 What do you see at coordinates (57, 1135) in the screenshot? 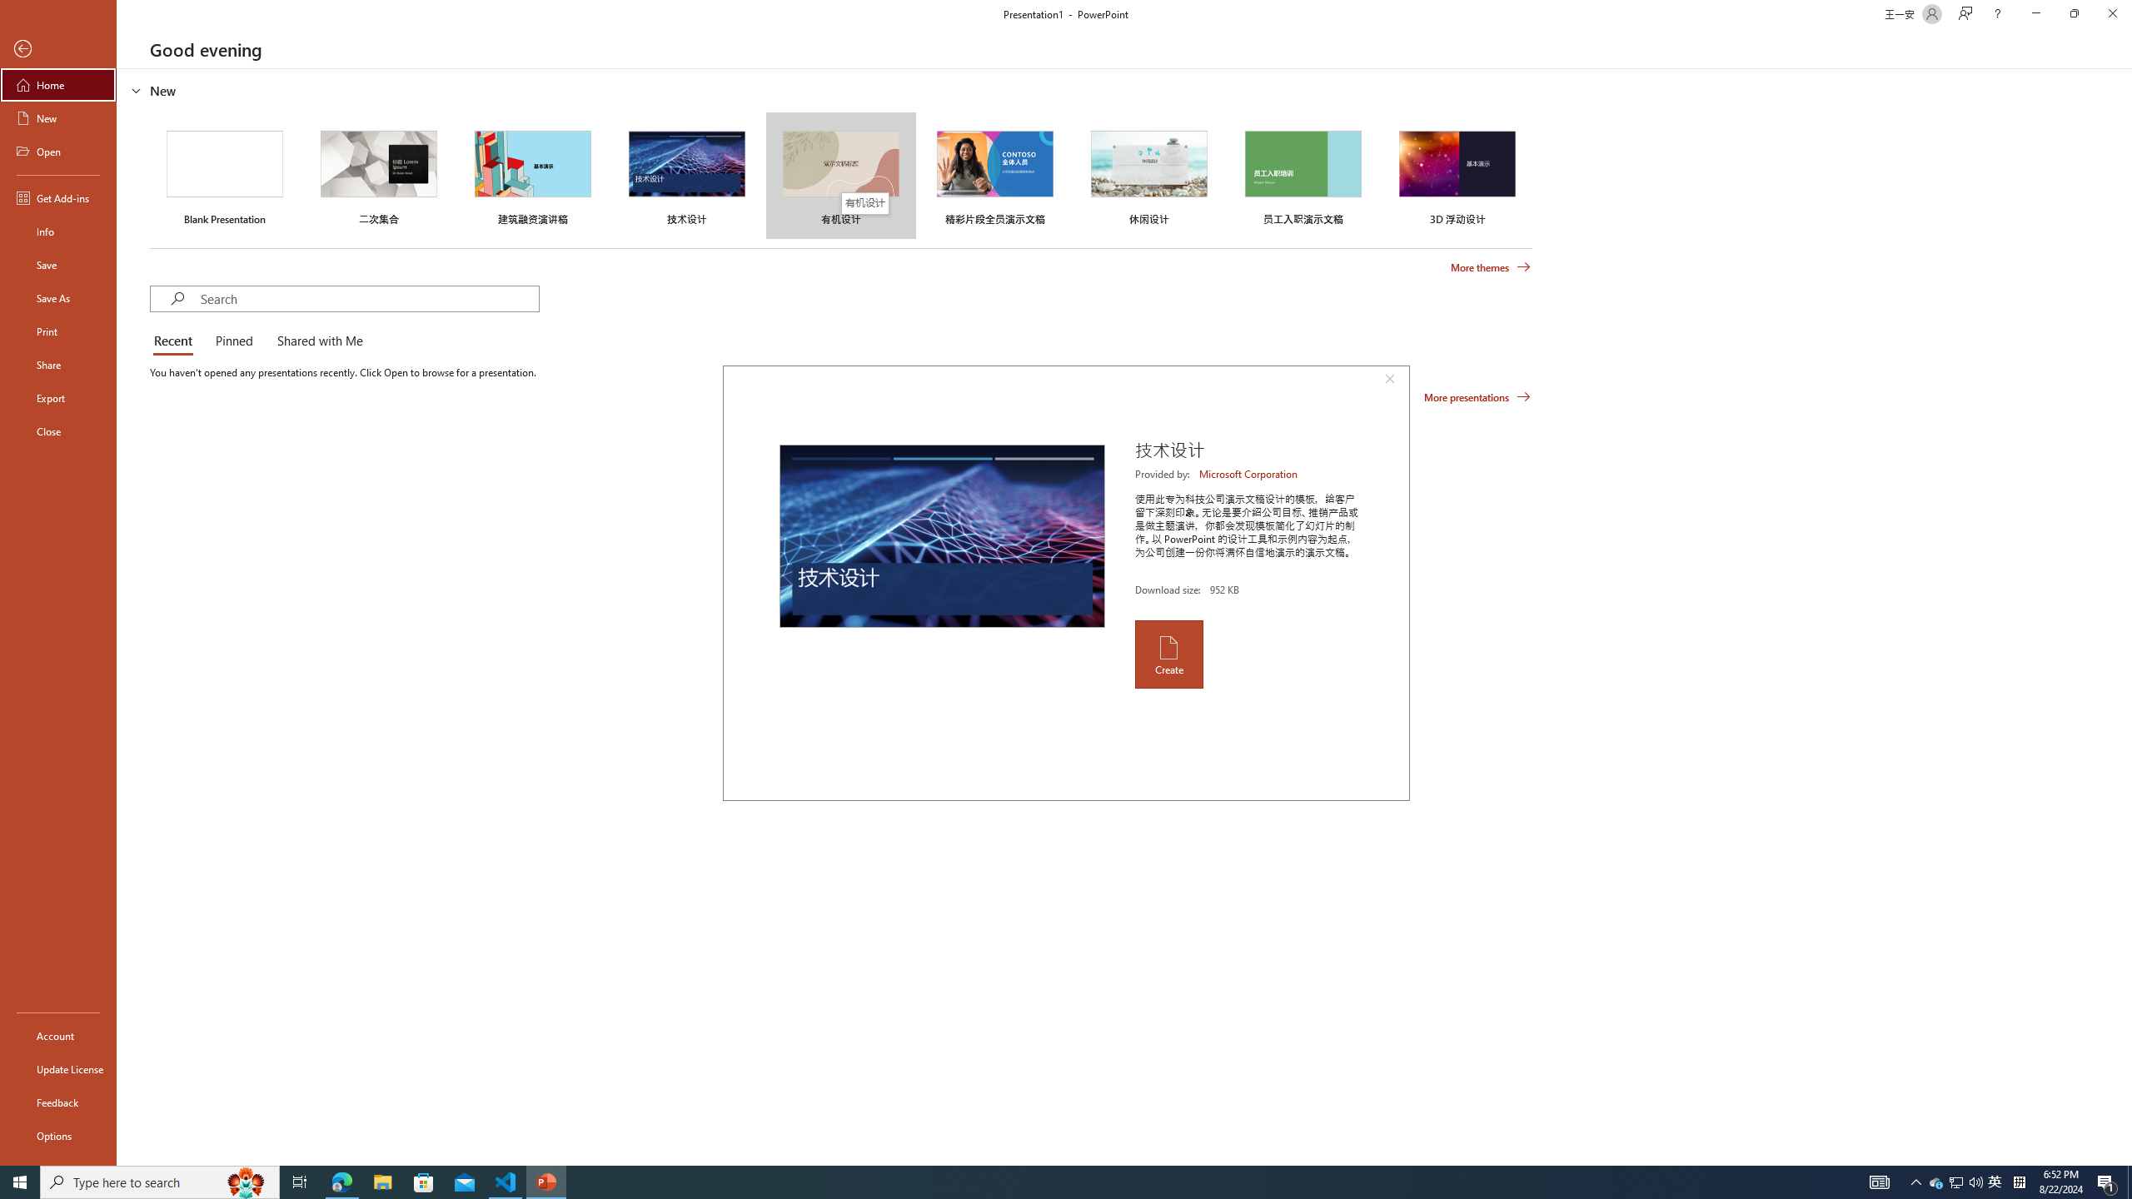
I see `'Options'` at bounding box center [57, 1135].